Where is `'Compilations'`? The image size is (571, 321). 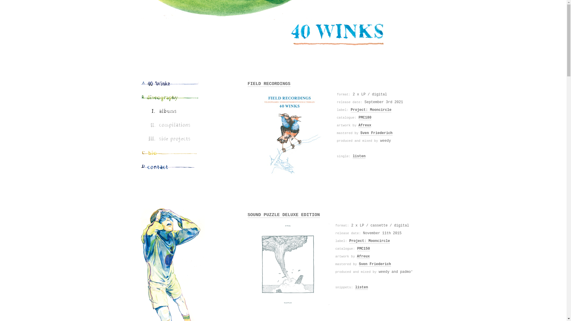
'Compilations' is located at coordinates (147, 126).